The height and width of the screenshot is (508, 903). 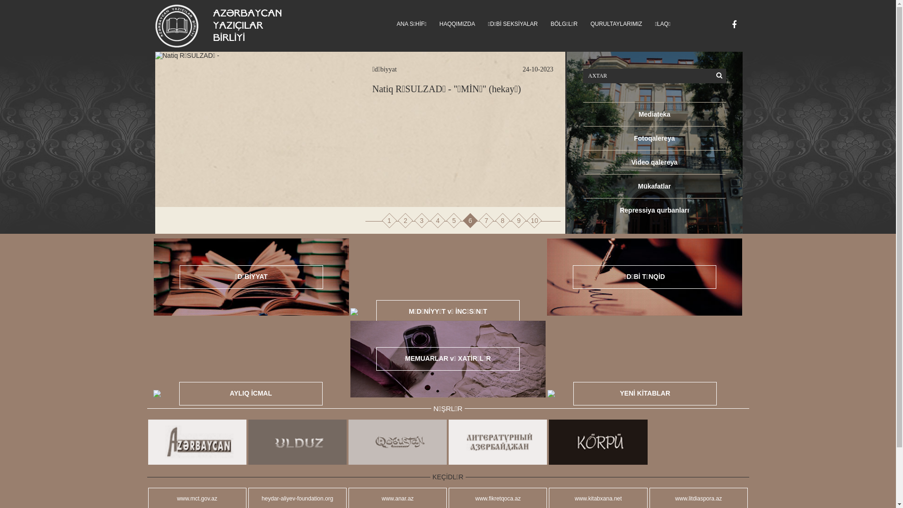 I want to click on 'Fotoqalereya', so click(x=654, y=138).